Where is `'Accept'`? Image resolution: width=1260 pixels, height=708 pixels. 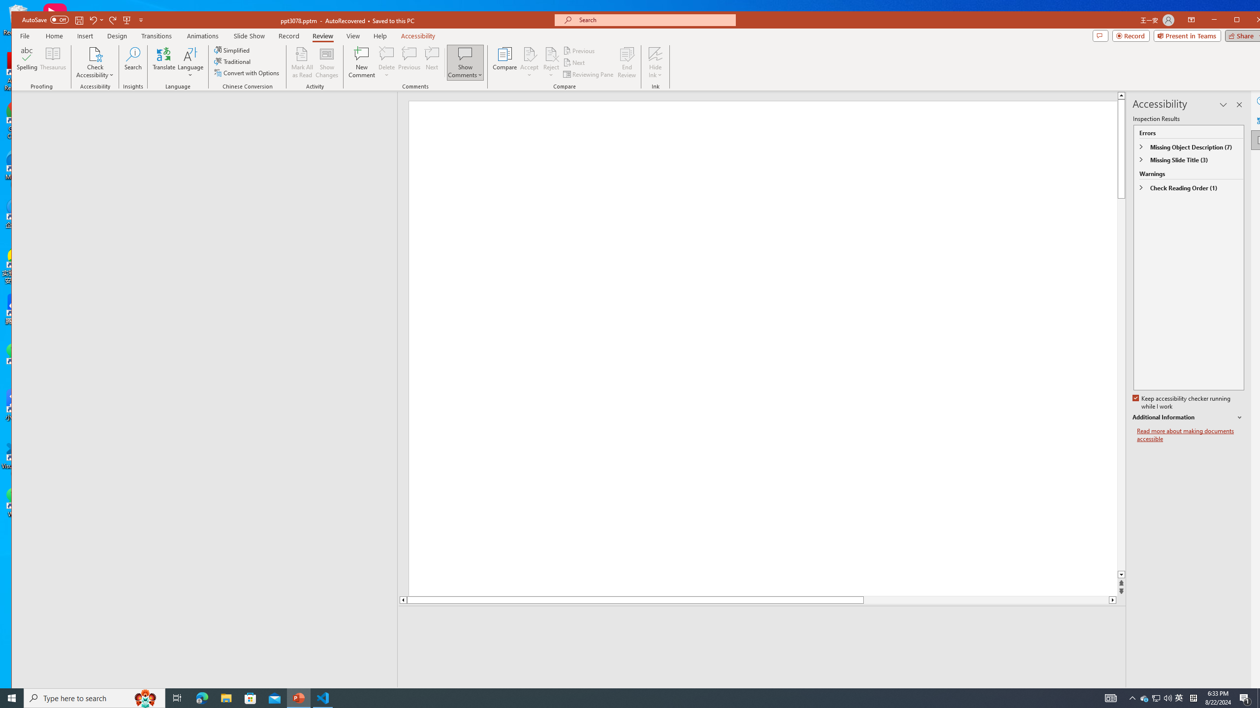 'Accept' is located at coordinates (530, 62).